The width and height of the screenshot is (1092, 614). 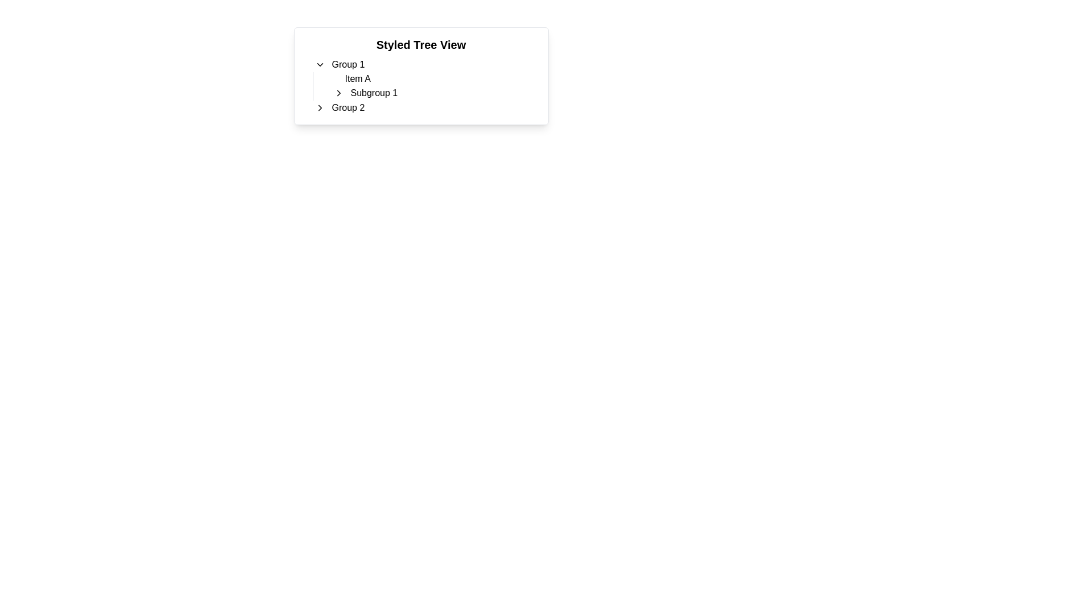 I want to click on the Chevron Button for 'Group 2', so click(x=319, y=107).